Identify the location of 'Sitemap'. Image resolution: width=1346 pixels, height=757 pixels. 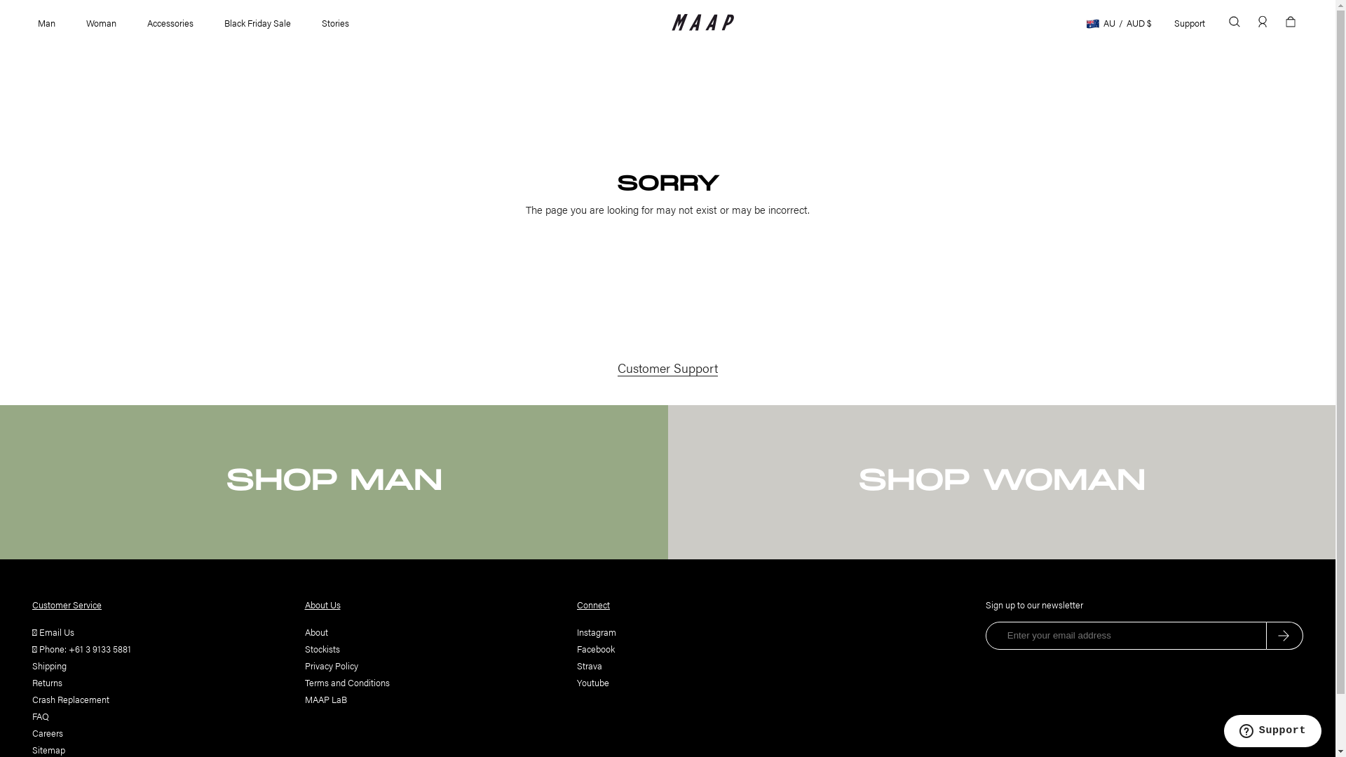
(48, 749).